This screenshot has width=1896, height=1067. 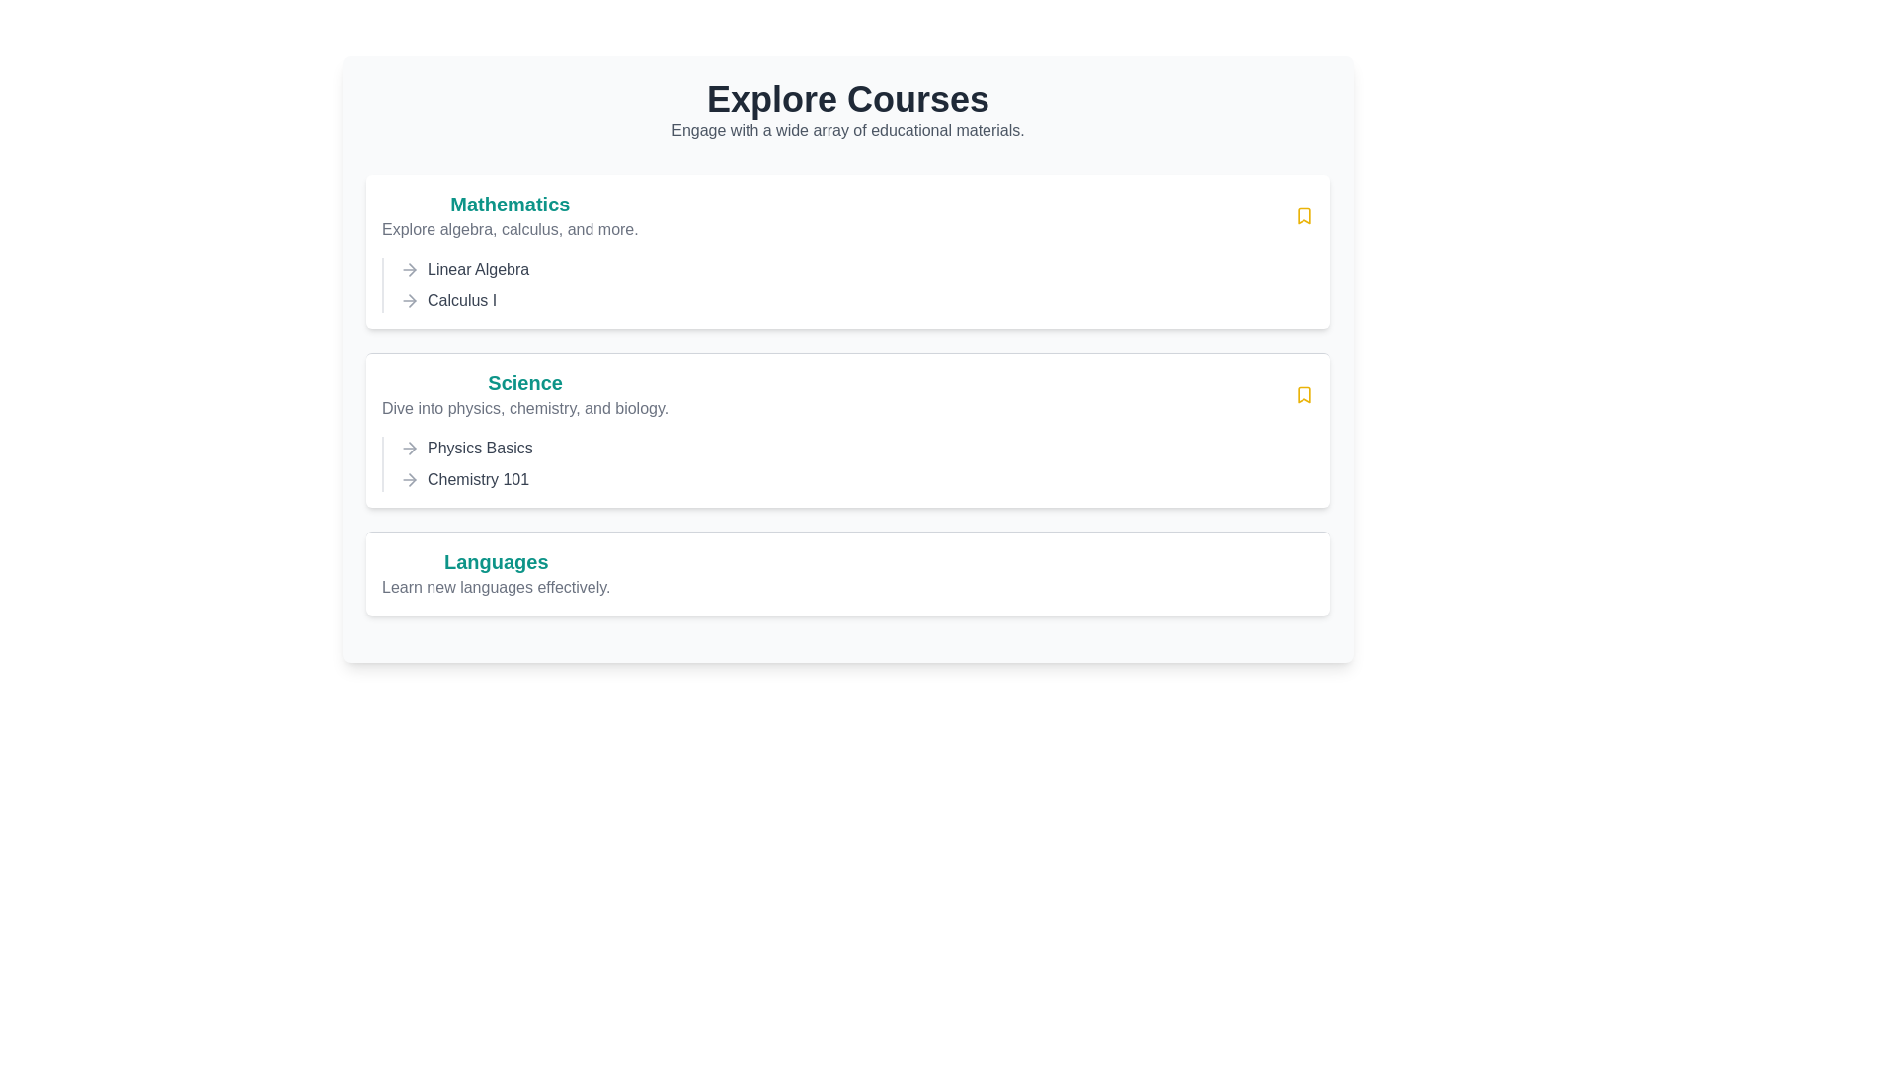 I want to click on the Icon (Arrow) located to the immediate left of the text 'Calculus I' in the 'Mathematics' section for visual scanning, so click(x=408, y=300).